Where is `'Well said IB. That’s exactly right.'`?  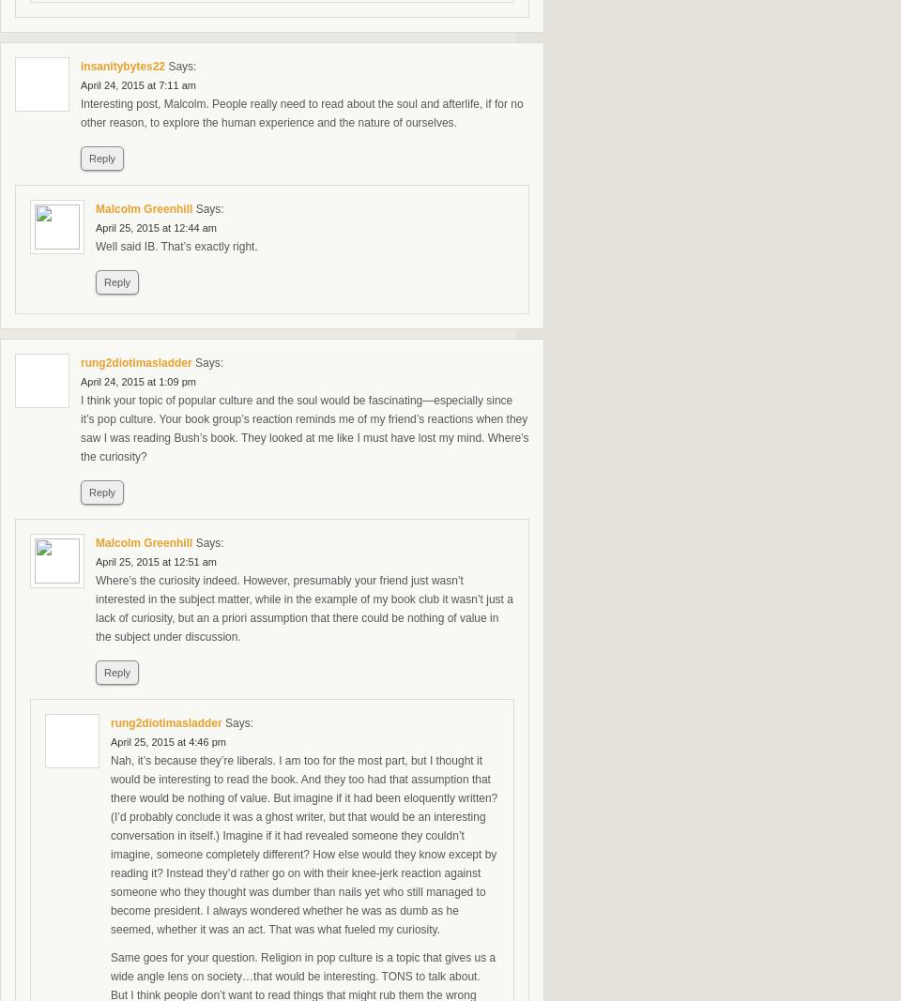 'Well said IB. That’s exactly right.' is located at coordinates (176, 247).